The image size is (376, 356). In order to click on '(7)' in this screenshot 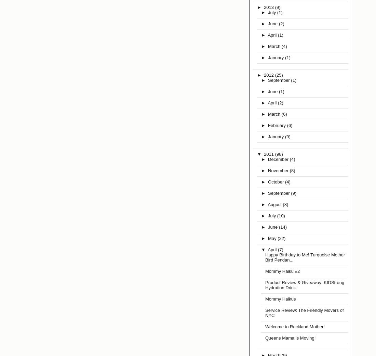, I will do `click(280, 250)`.